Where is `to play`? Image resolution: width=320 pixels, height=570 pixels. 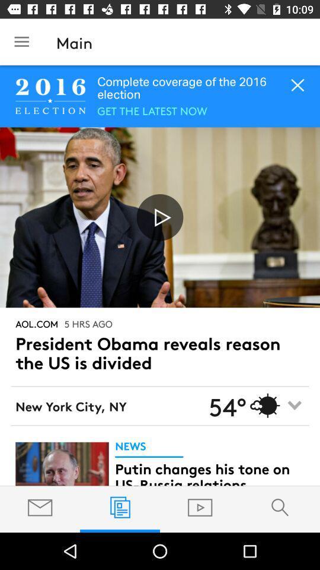
to play is located at coordinates (160, 217).